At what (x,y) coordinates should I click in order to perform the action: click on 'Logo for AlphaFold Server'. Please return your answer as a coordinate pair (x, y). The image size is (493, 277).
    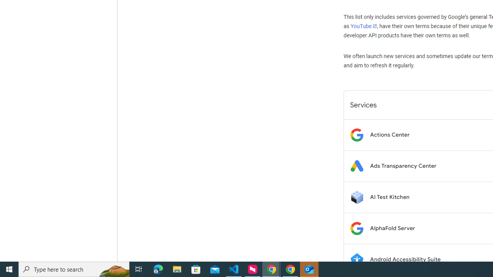
    Looking at the image, I should click on (356, 228).